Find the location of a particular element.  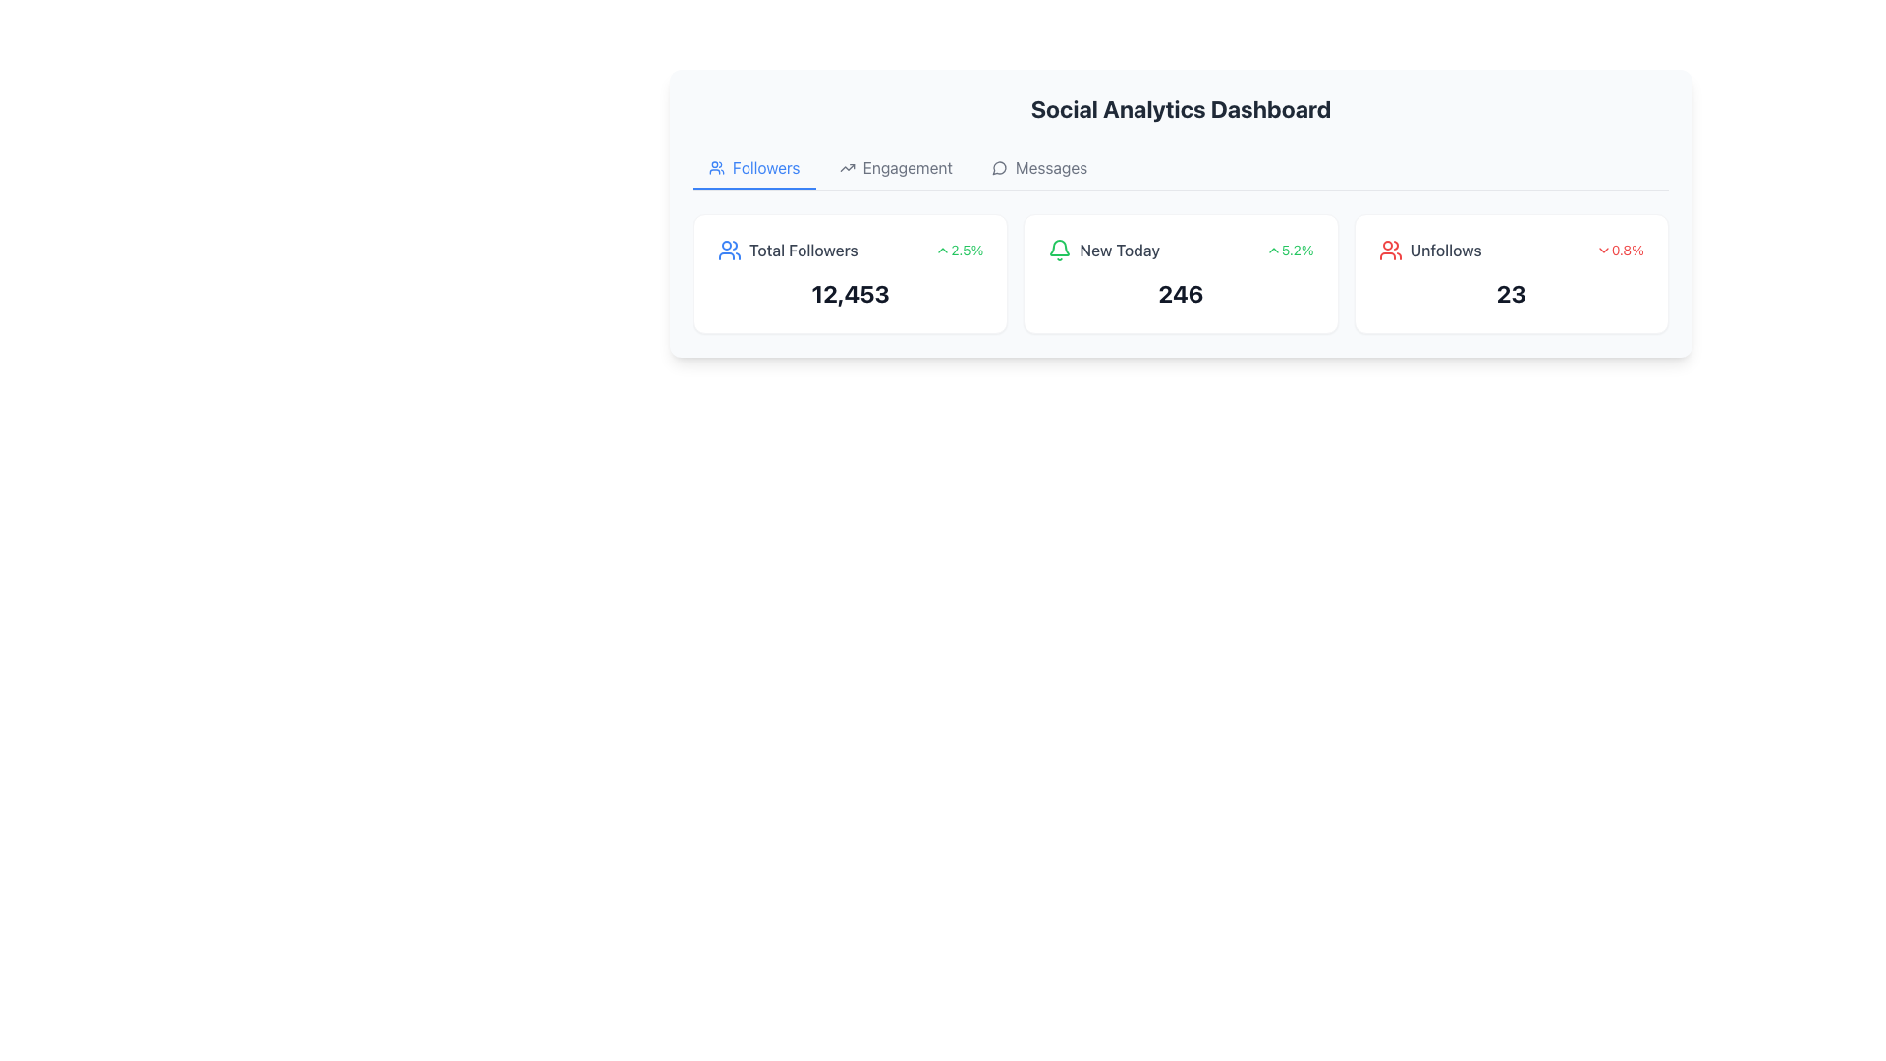

the Text label that describes the messaging or notifications section, positioned to the right of the speech bubble icon in the horizontal navigation bar below the 'Social Analytics Dashboard' title is located at coordinates (1050, 166).